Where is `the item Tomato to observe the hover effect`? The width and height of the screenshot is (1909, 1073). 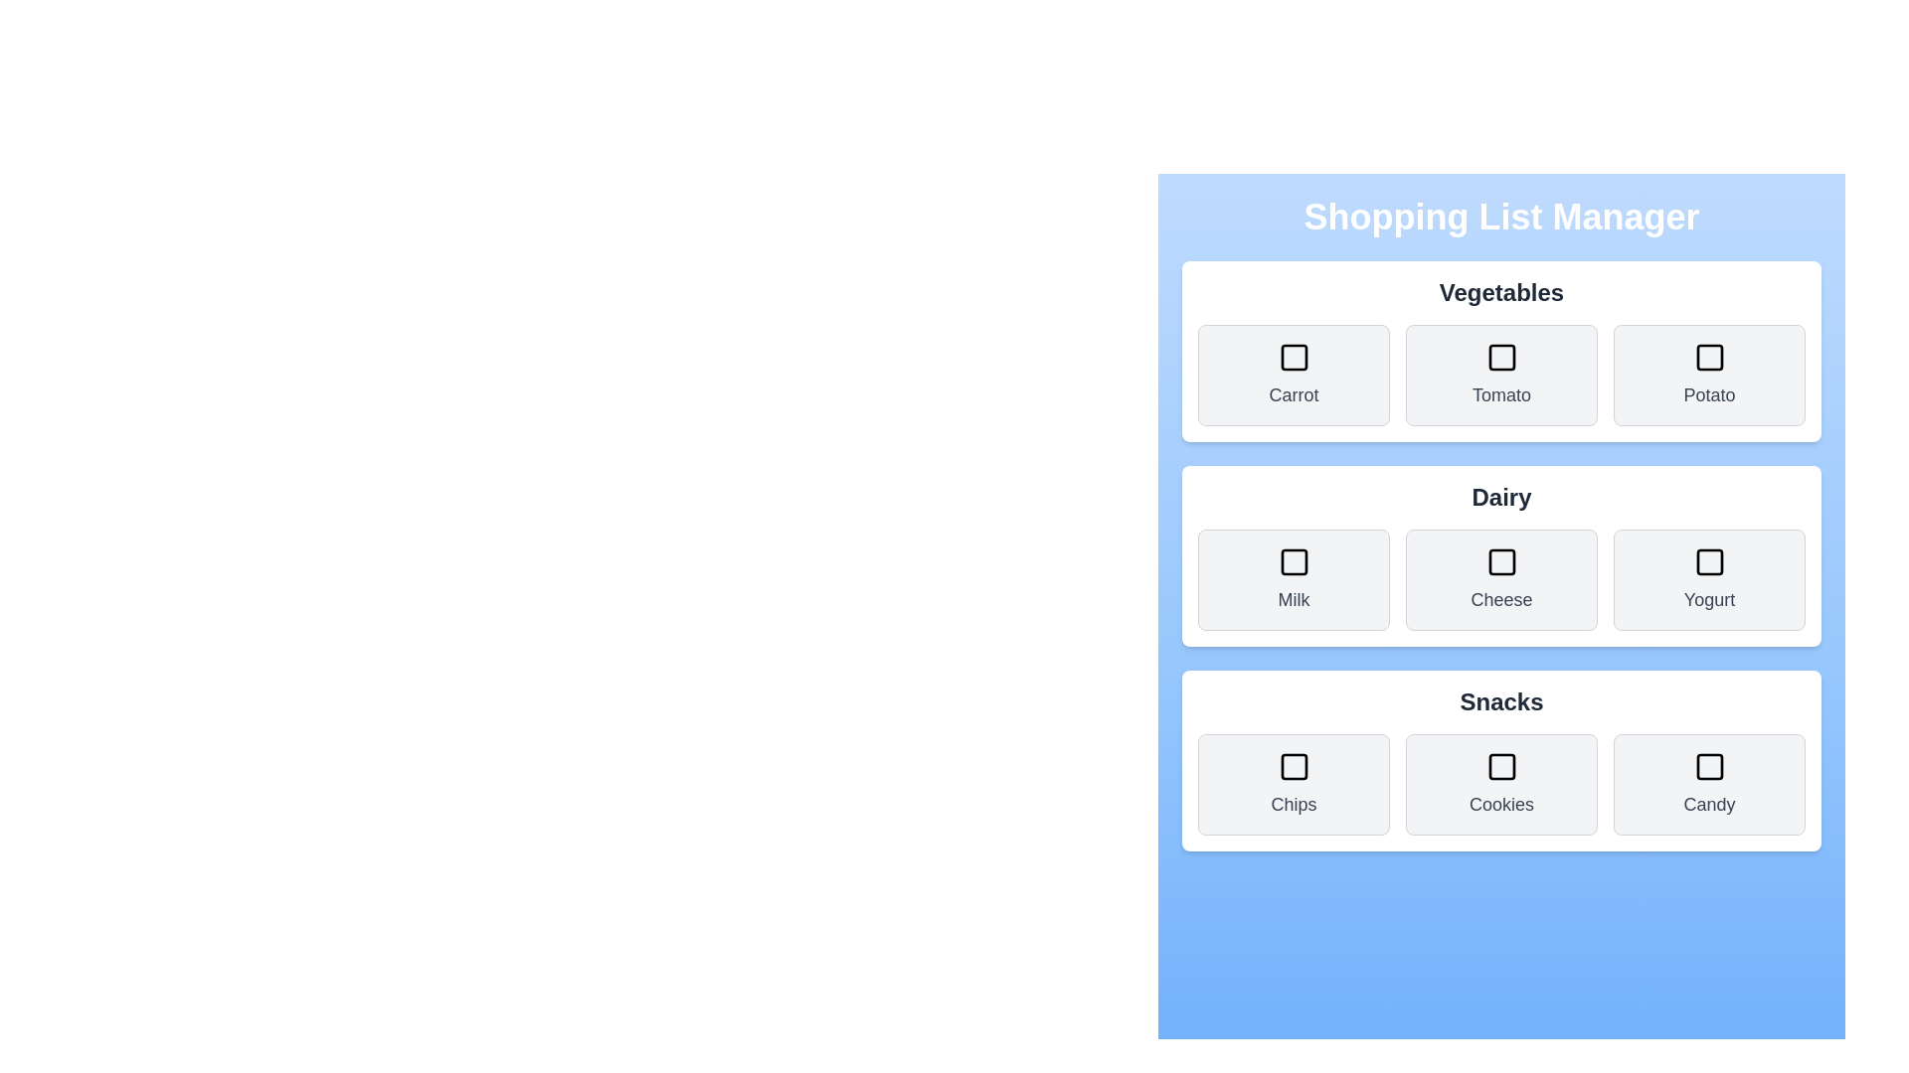 the item Tomato to observe the hover effect is located at coordinates (1501, 376).